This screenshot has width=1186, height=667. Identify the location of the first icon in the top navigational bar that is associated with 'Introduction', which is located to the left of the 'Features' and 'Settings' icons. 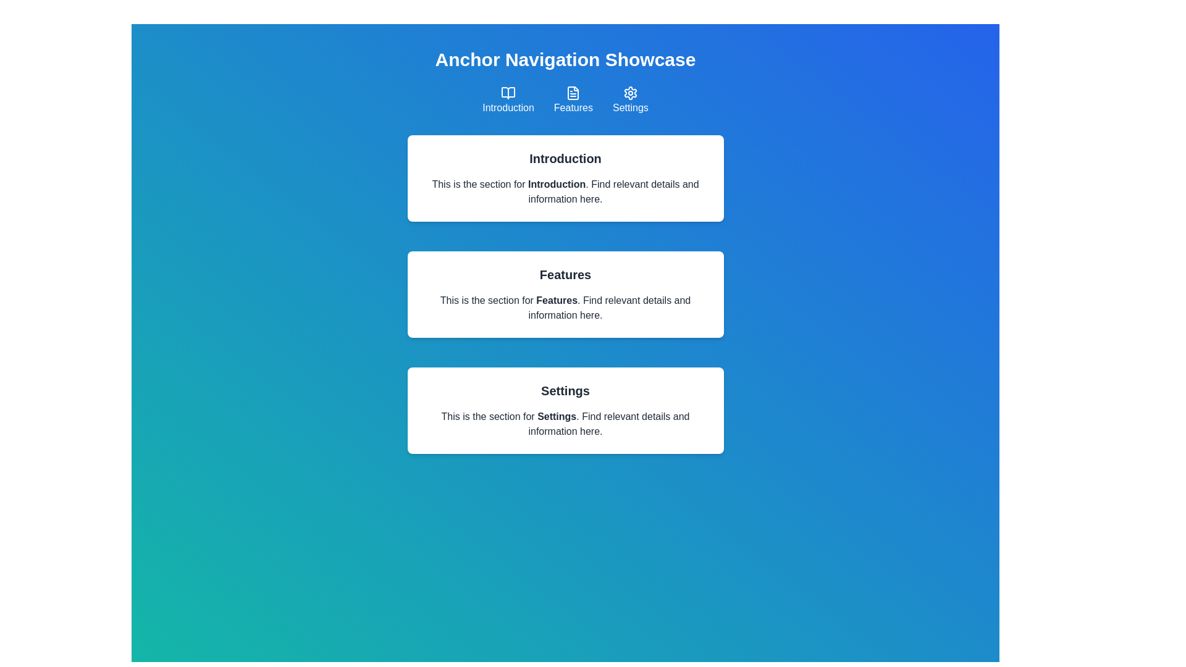
(508, 92).